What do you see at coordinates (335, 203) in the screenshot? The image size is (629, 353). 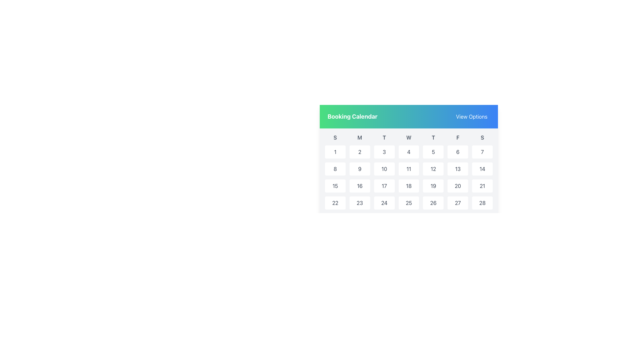 I see `the calendar cell representing the 22nd day of the month, located in the fourth row's first cell under the 'S' column` at bounding box center [335, 203].